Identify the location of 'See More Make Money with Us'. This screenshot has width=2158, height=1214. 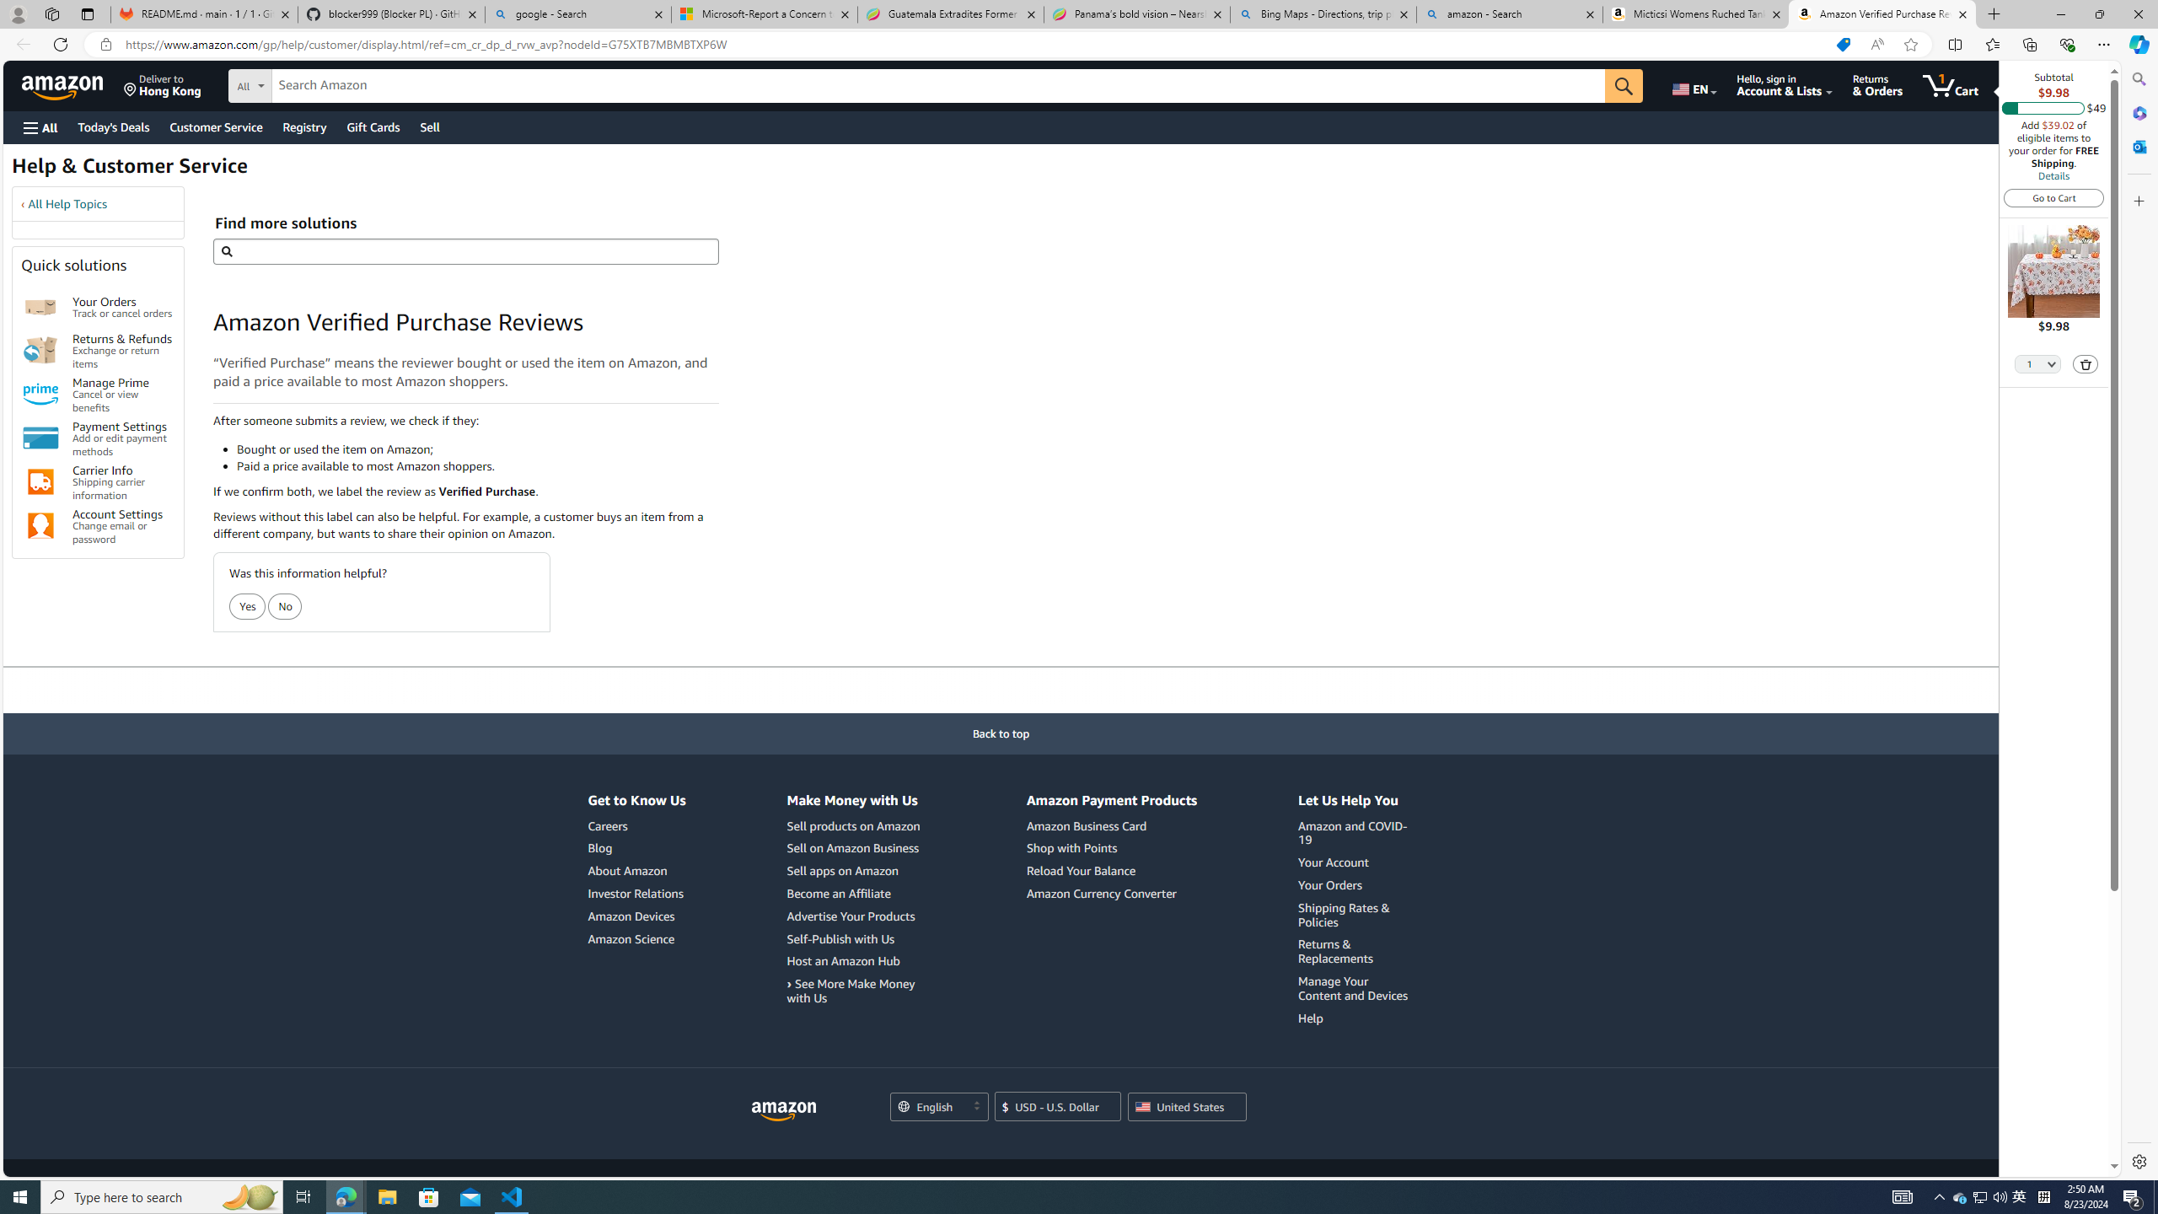
(849, 991).